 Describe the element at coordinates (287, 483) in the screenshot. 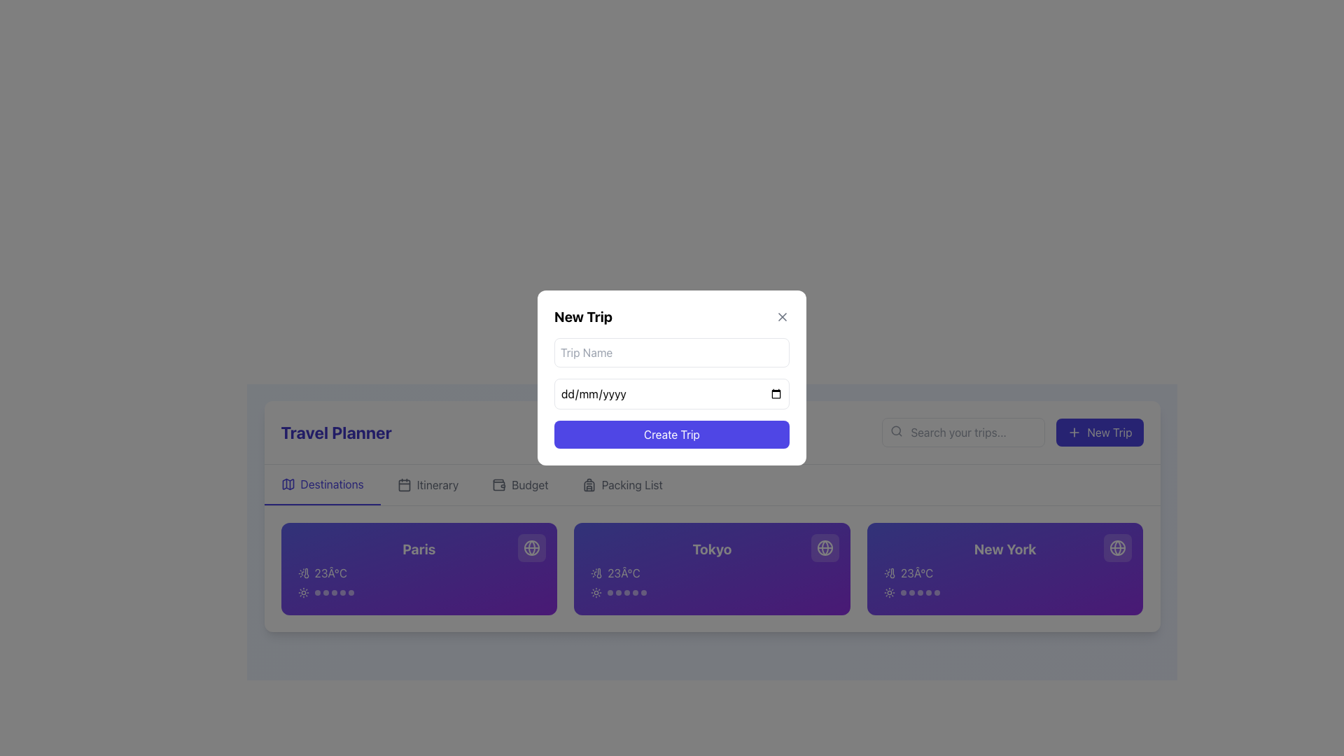

I see `the SVG icon resembling a map located to the immediate left of the 'Destinations' text under the 'Travel Planner' heading` at that location.